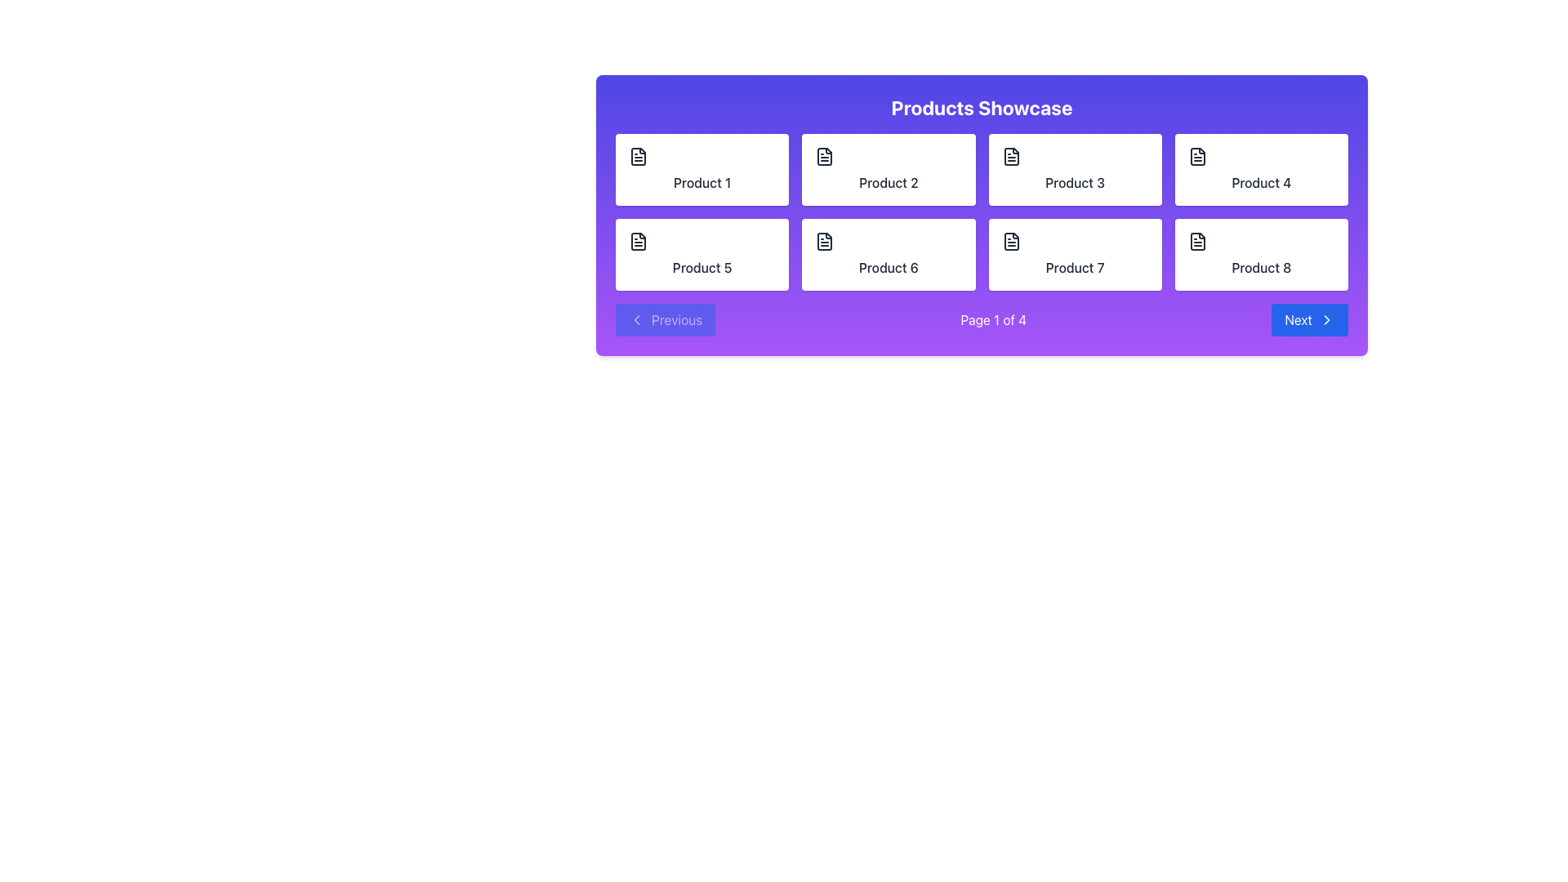 This screenshot has width=1568, height=882. I want to click on the minimalist document icon labeled 'Product 8', so click(1197, 242).